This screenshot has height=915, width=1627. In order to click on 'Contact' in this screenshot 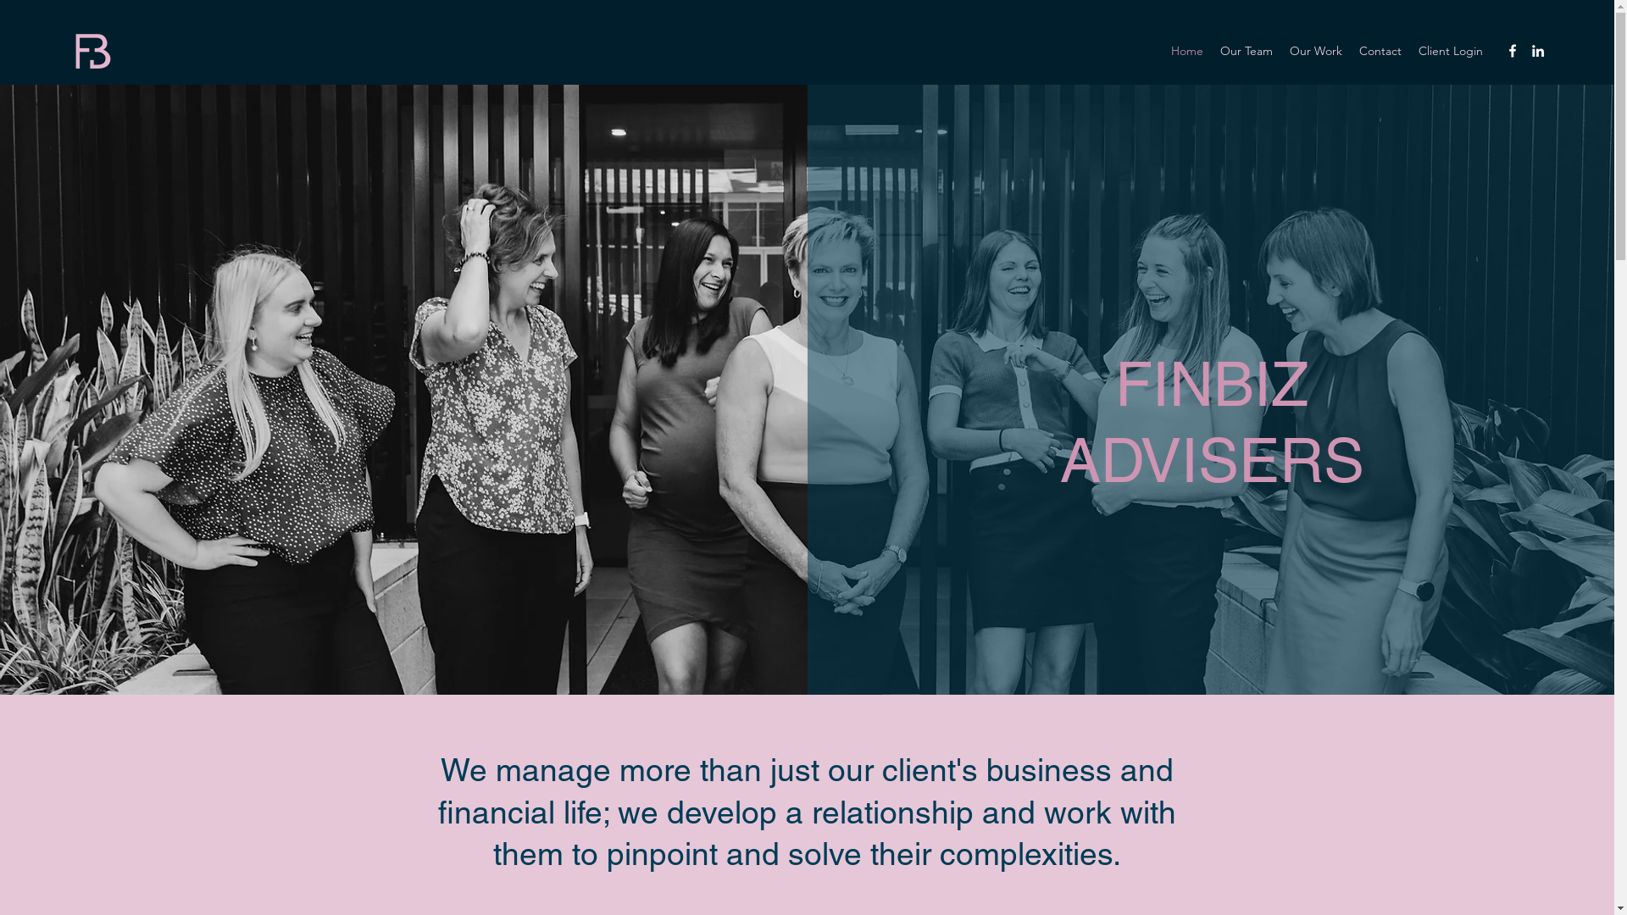, I will do `click(1380, 50)`.